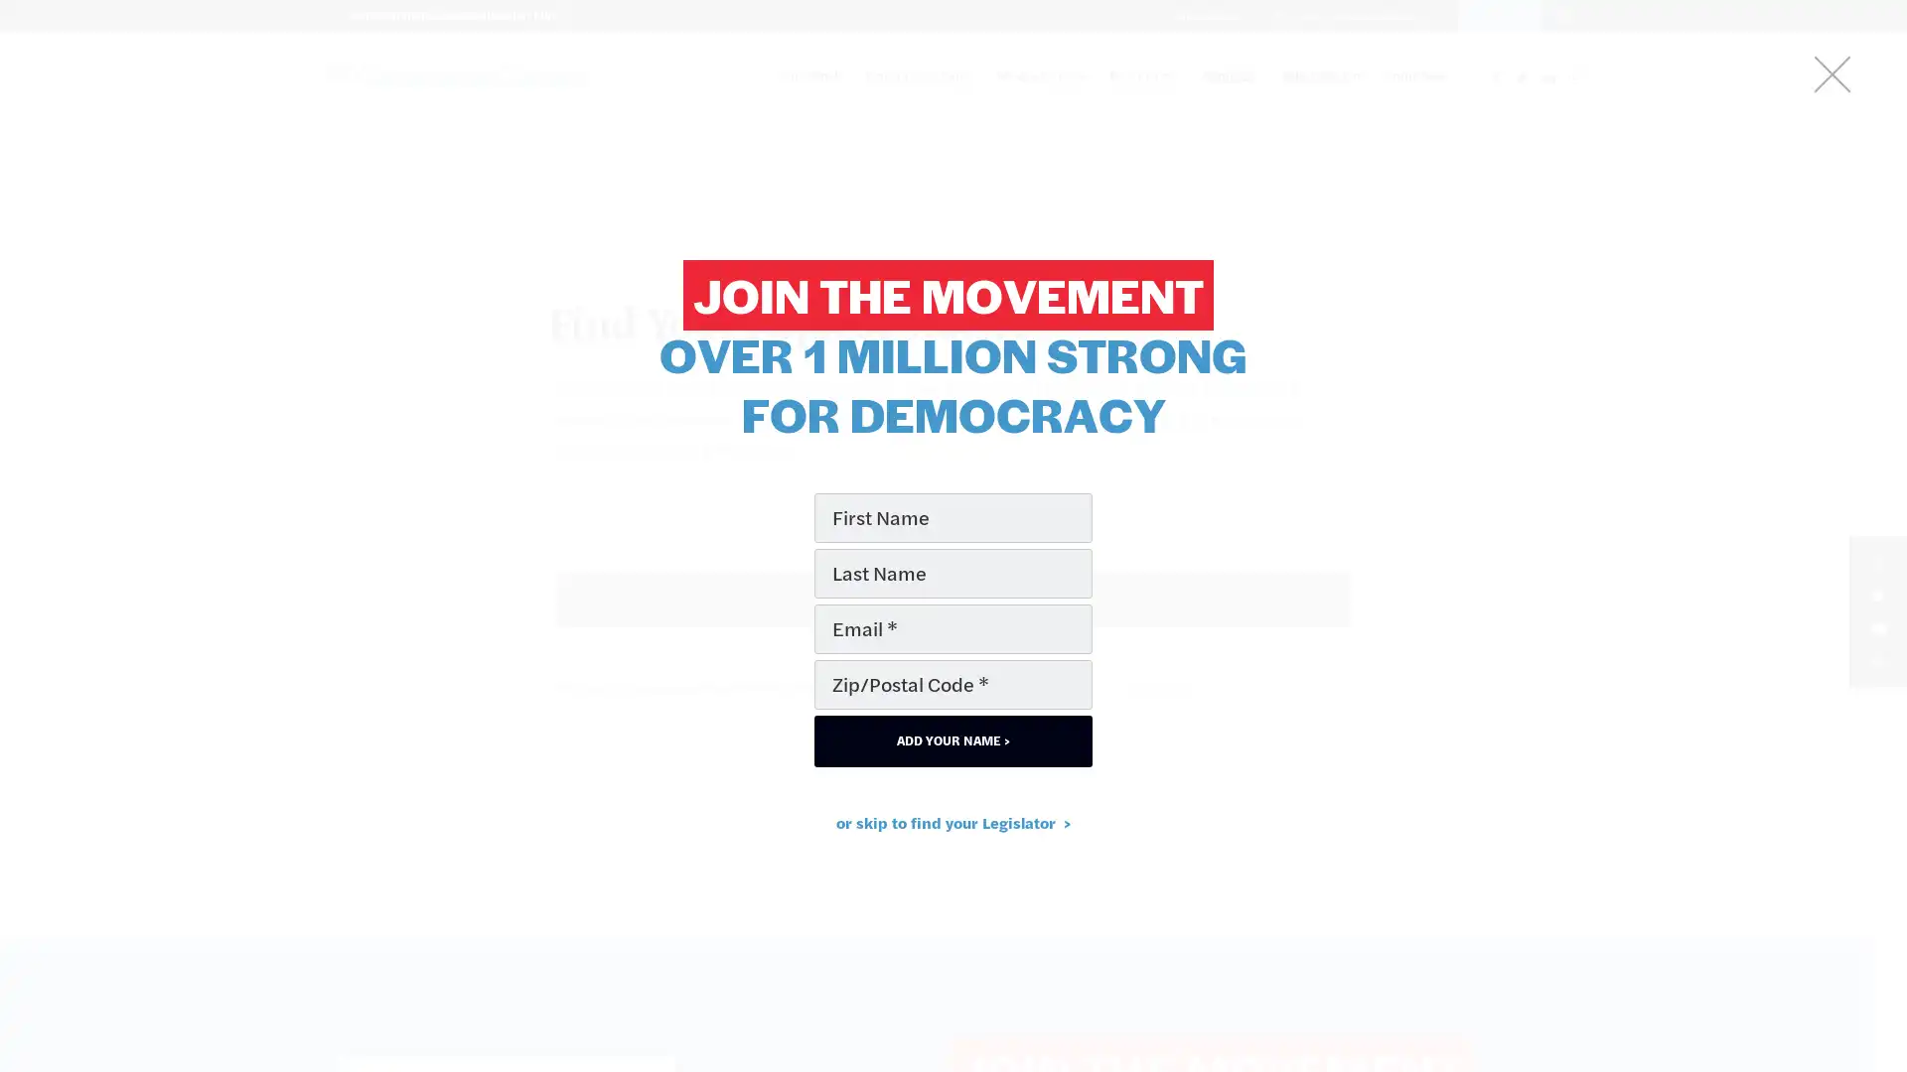  What do you see at coordinates (953, 739) in the screenshot?
I see `Add Your Name >` at bounding box center [953, 739].